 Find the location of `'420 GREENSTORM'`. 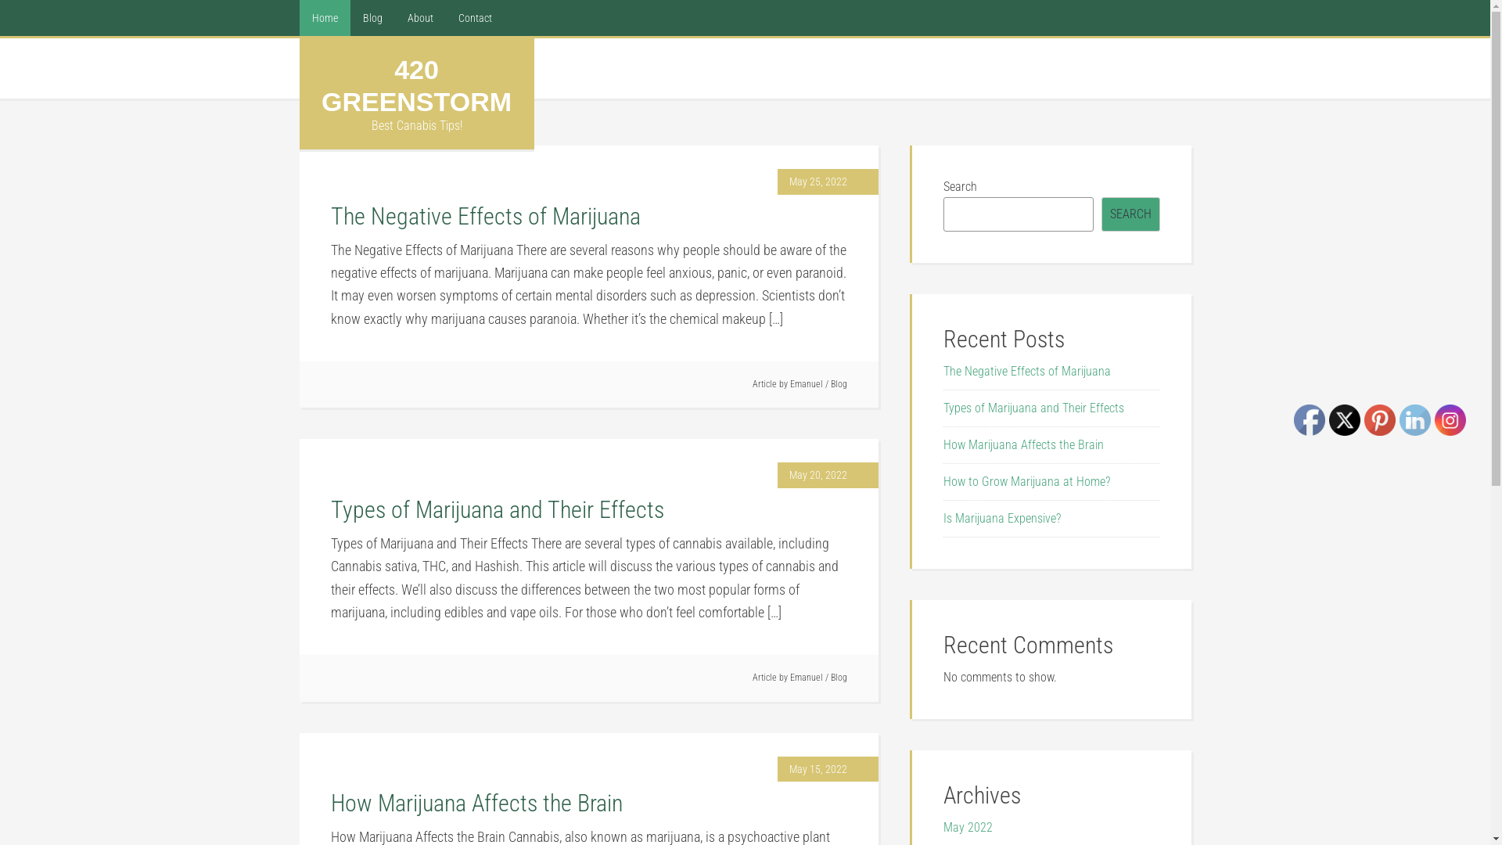

'420 GREENSTORM' is located at coordinates (321, 85).